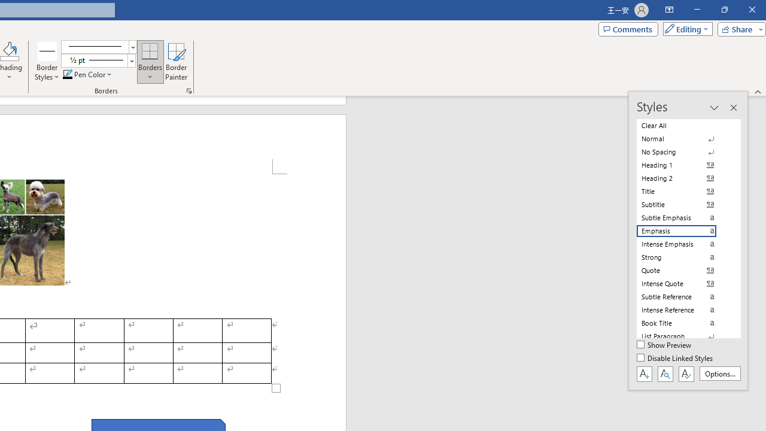 The width and height of the screenshot is (766, 431). Describe the element at coordinates (683, 284) in the screenshot. I see `'Intense Quote'` at that location.